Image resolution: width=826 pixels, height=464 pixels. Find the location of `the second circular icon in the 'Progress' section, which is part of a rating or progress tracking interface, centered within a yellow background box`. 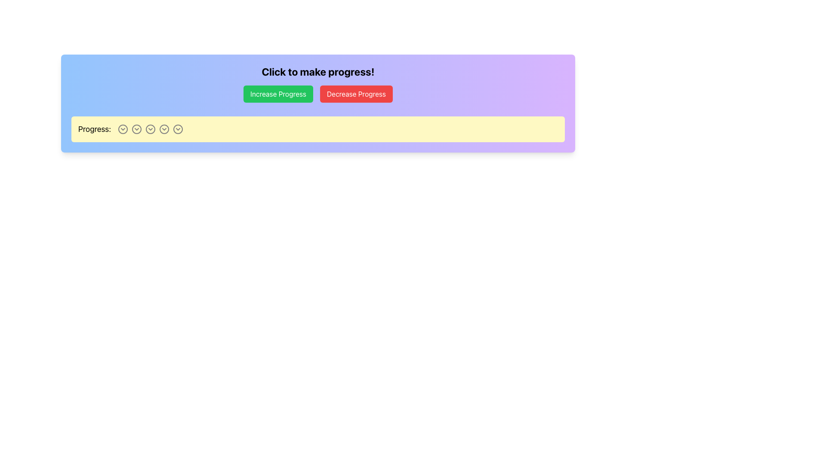

the second circular icon in the 'Progress' section, which is part of a rating or progress tracking interface, centered within a yellow background box is located at coordinates (136, 129).